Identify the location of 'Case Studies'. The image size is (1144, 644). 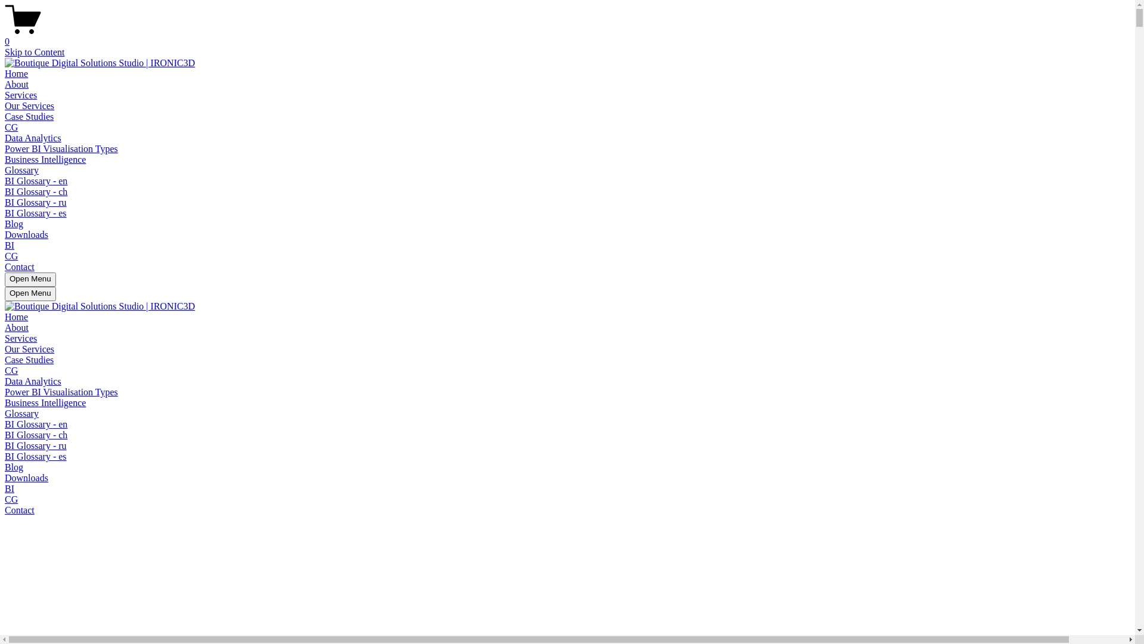
(5, 359).